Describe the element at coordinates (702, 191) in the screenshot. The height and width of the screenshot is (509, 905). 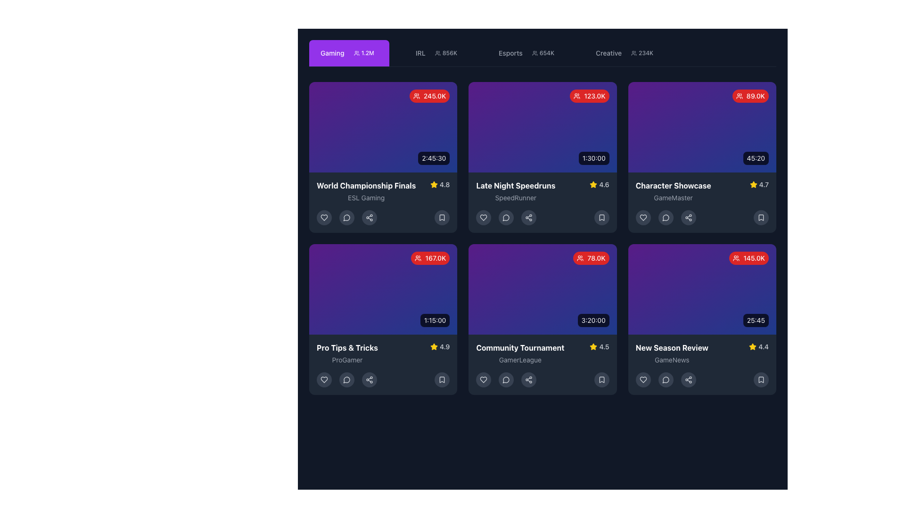
I see `on the 'Character Showcase' text block that displays the title in bold white text, the subtitle 'GameMaster' in gray, a yellow star icon, and a rating of '4.7'` at that location.